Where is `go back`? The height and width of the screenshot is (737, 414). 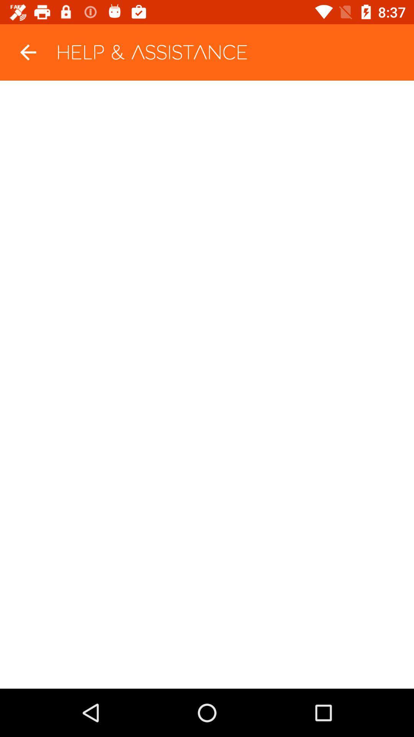 go back is located at coordinates (28, 52).